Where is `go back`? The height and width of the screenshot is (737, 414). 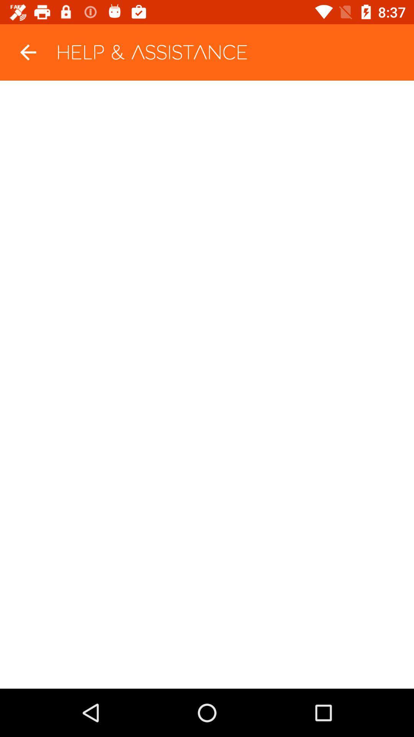 go back is located at coordinates (28, 52).